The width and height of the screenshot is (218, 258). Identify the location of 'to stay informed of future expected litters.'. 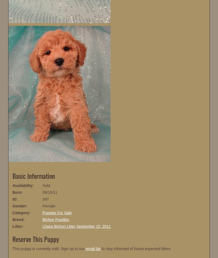
(136, 248).